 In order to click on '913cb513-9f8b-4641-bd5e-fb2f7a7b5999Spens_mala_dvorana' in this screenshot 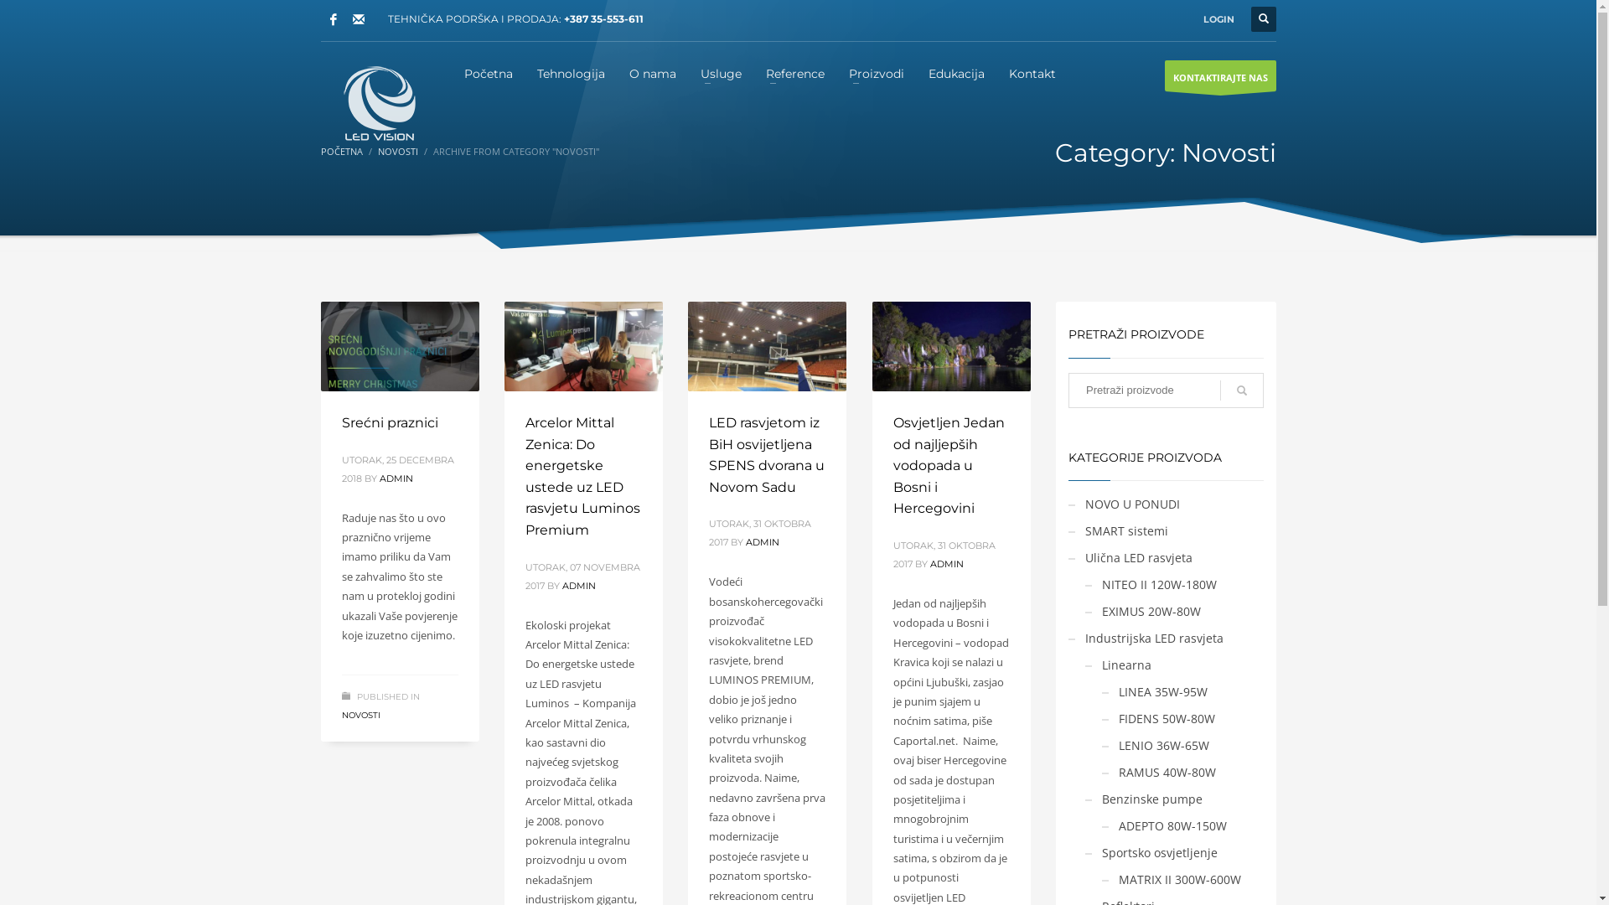, I will do `click(765, 345)`.